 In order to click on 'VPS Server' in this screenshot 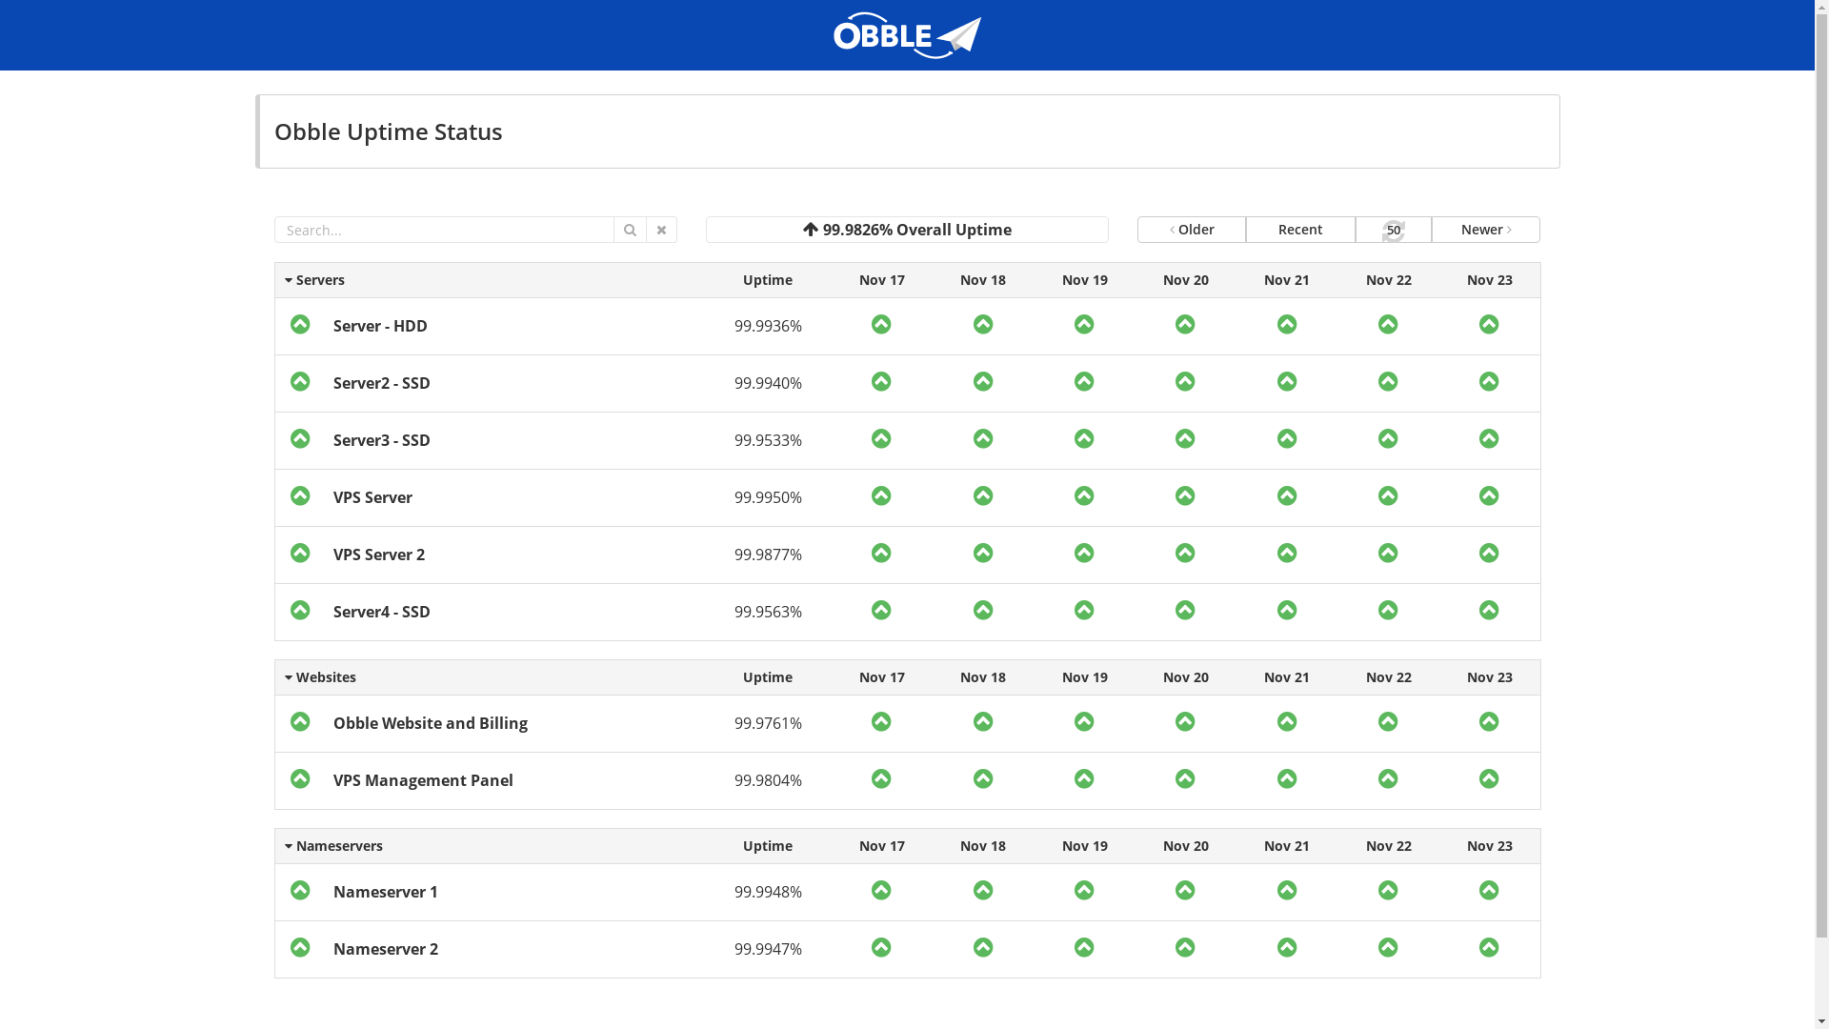, I will do `click(372, 495)`.